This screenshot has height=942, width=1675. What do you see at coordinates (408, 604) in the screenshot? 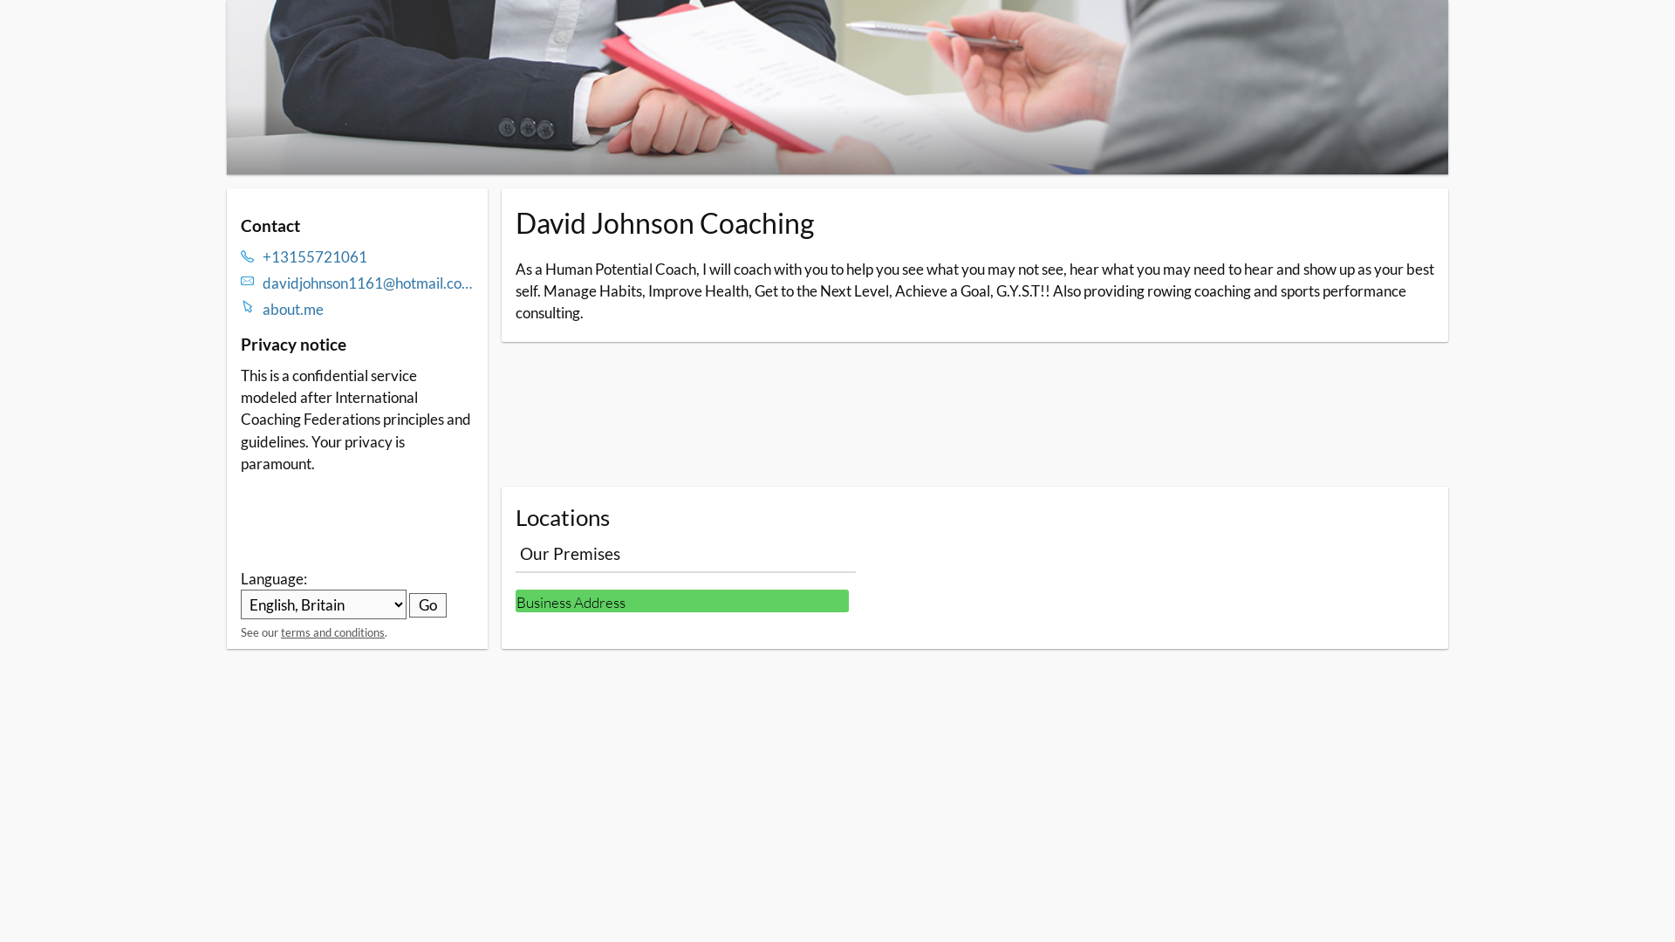
I see `'Go'` at bounding box center [408, 604].